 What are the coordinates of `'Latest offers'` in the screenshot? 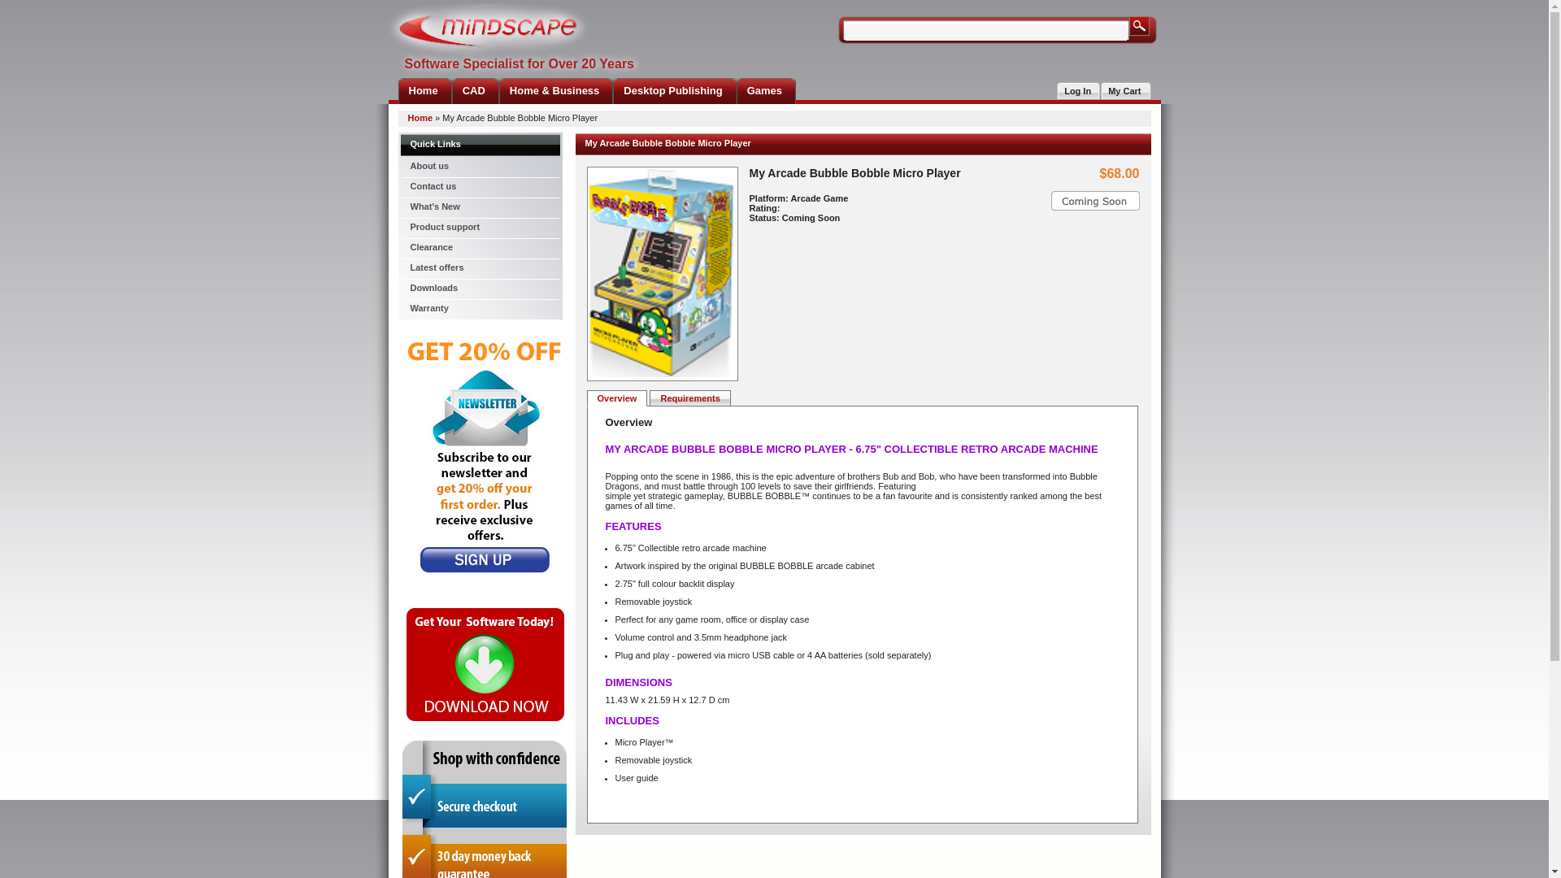 It's located at (402, 268).